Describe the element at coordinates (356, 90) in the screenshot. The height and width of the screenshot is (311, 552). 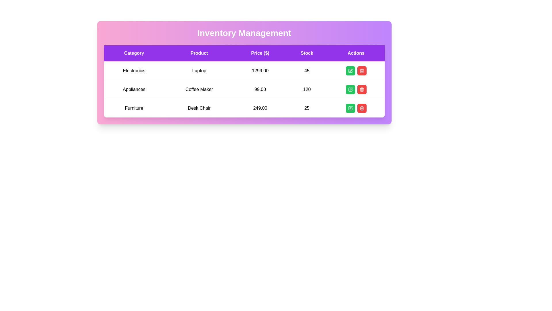
I see `either the green pencil button or the red trash bin button in the Button Group associated with the 'Coffee Maker' product in the Actions column of the table` at that location.